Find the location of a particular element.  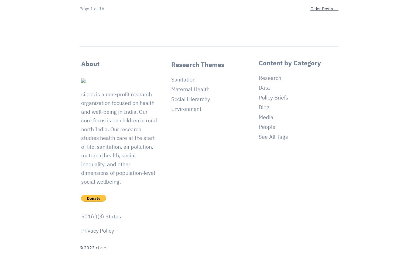

'2023' is located at coordinates (89, 248).